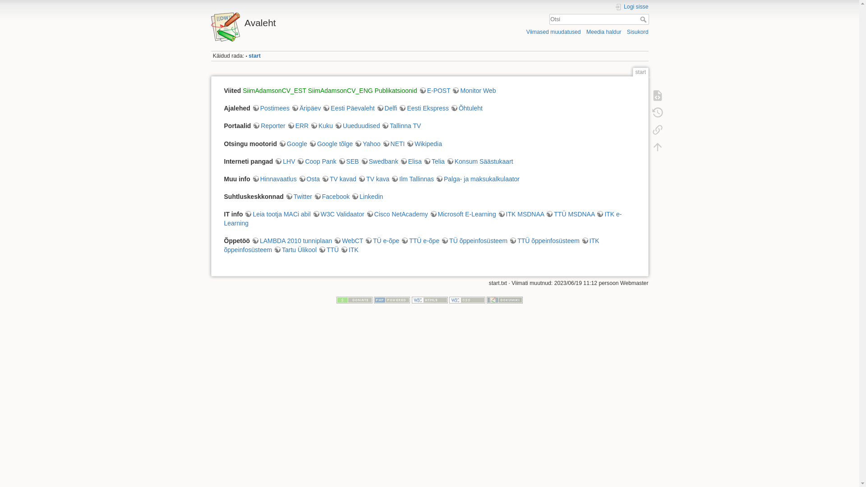 The height and width of the screenshot is (487, 866). Describe the element at coordinates (463, 214) in the screenshot. I see `'Microsoft E-Learning'` at that location.